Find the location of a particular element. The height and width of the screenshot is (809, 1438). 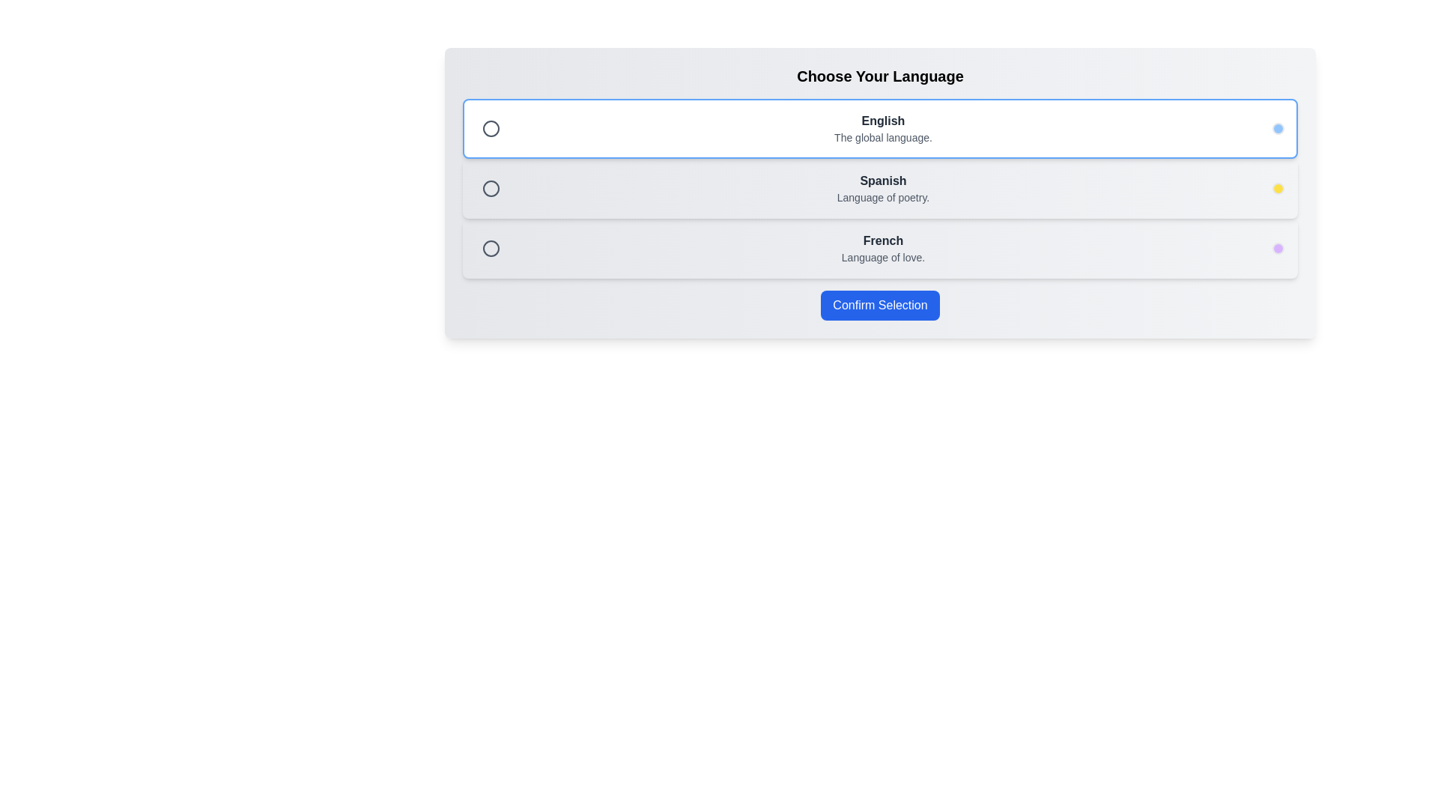

the graphic indicator located in the second row of language options, adjacent to the text 'SpanishLanguage of poetry.' is located at coordinates (1278, 187).